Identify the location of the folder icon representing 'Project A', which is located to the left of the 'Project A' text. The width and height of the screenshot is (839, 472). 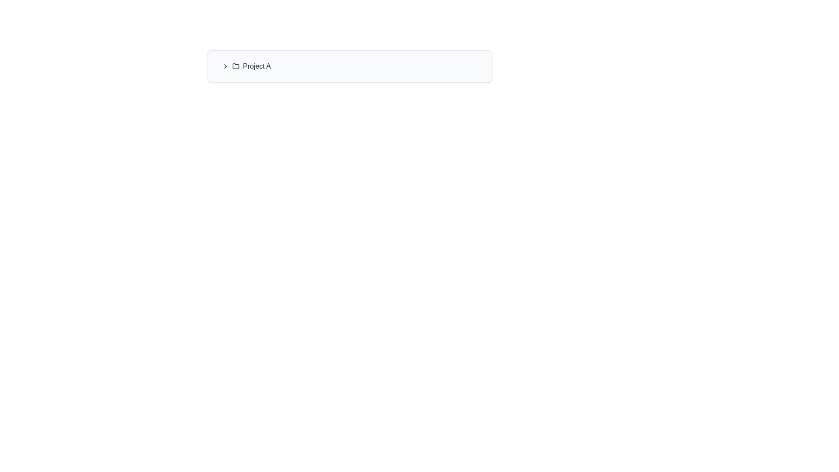
(236, 66).